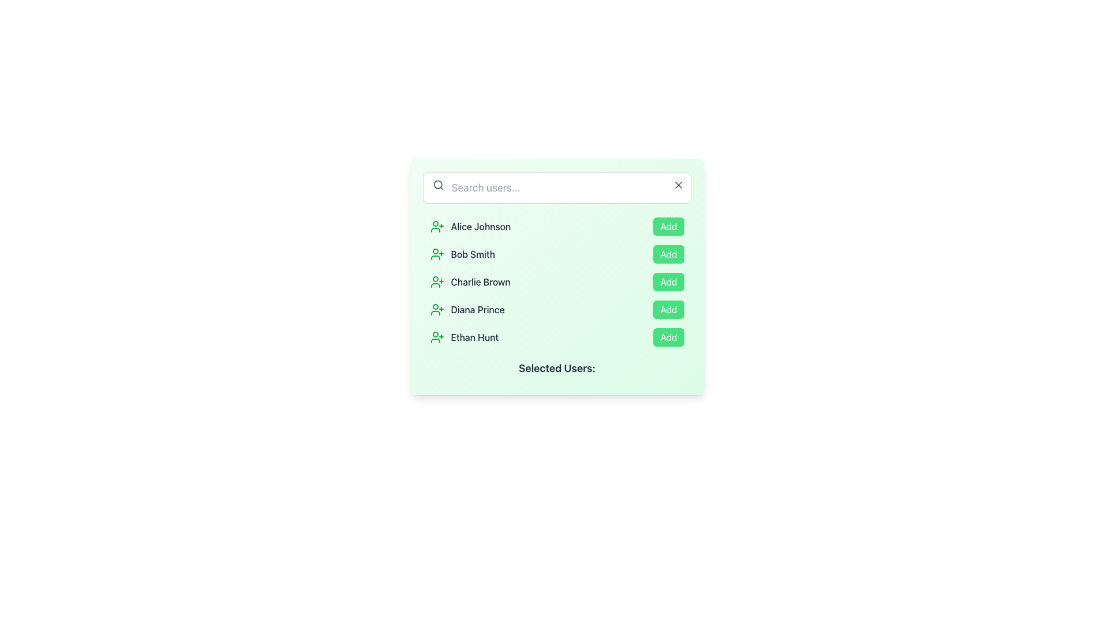 This screenshot has height=623, width=1108. Describe the element at coordinates (668, 253) in the screenshot. I see `the button to the right of 'Bob Smith'` at that location.